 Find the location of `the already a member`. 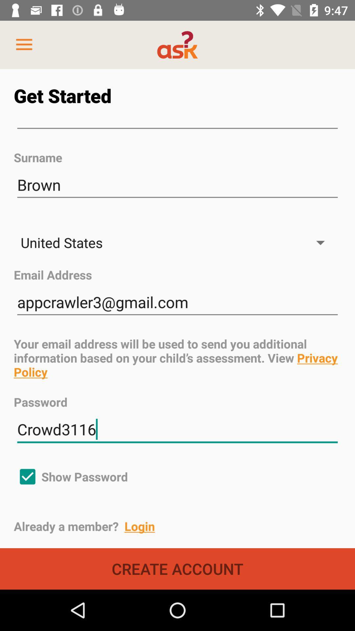

the already a member is located at coordinates (184, 526).